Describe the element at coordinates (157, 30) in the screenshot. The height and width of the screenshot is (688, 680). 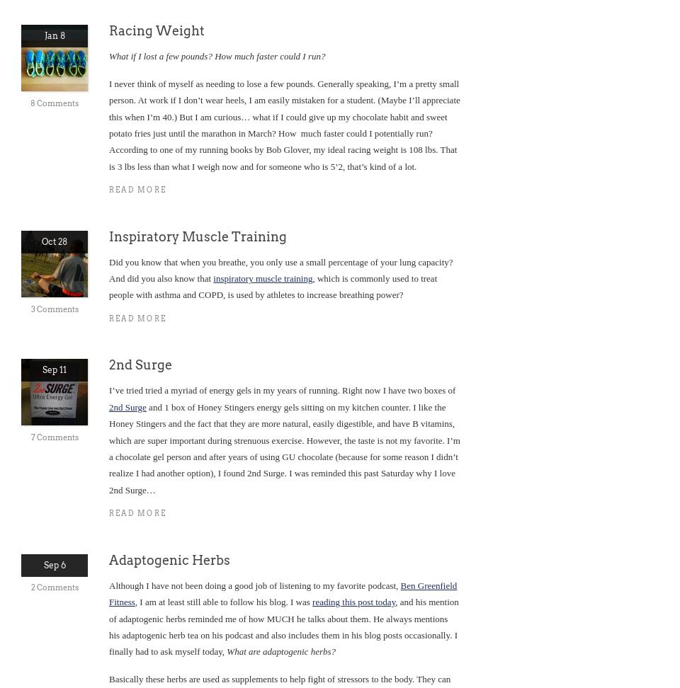
I see `'Racing Weight'` at that location.